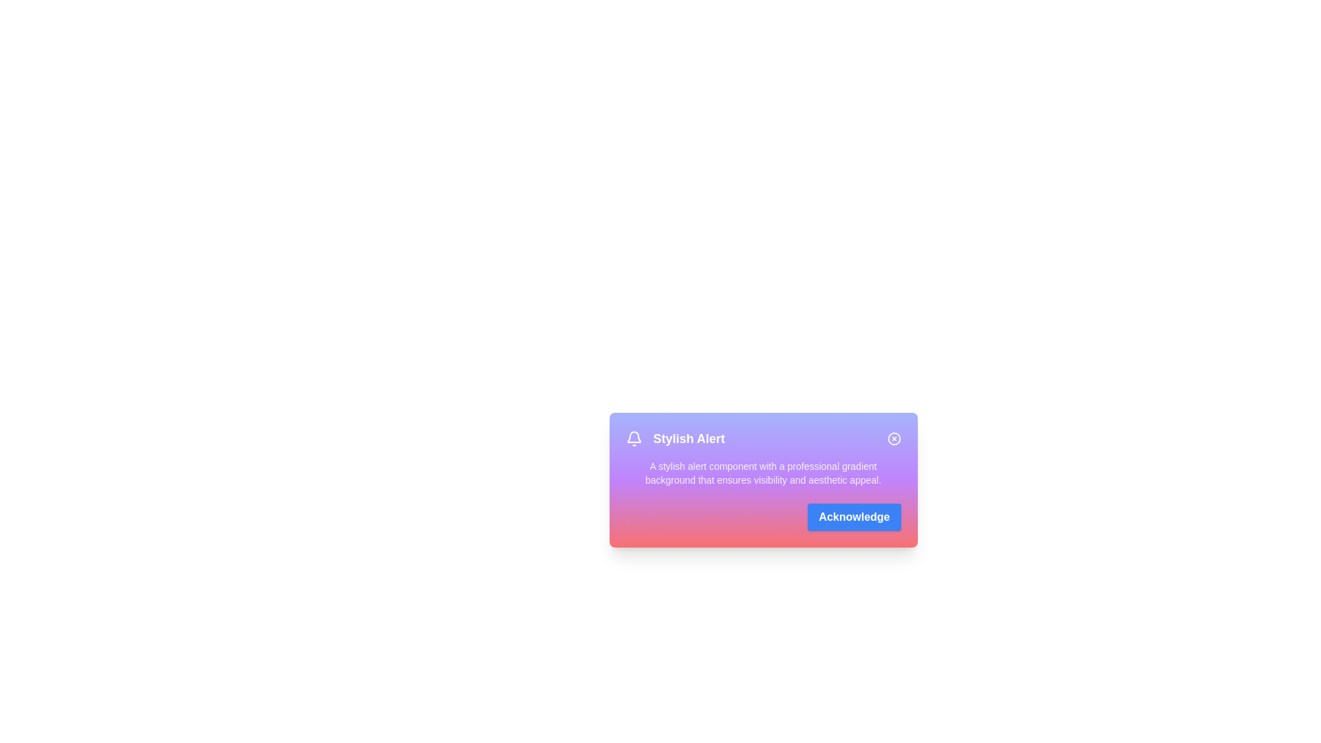  Describe the element at coordinates (853, 517) in the screenshot. I see `the 'Acknowledge' button to acknowledge the alert` at that location.